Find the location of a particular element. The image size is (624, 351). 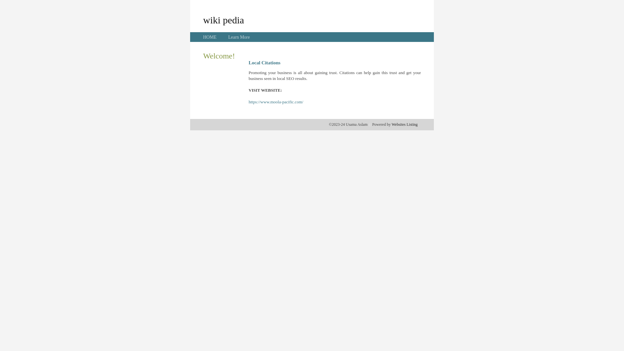

'Learn More' is located at coordinates (228, 37).